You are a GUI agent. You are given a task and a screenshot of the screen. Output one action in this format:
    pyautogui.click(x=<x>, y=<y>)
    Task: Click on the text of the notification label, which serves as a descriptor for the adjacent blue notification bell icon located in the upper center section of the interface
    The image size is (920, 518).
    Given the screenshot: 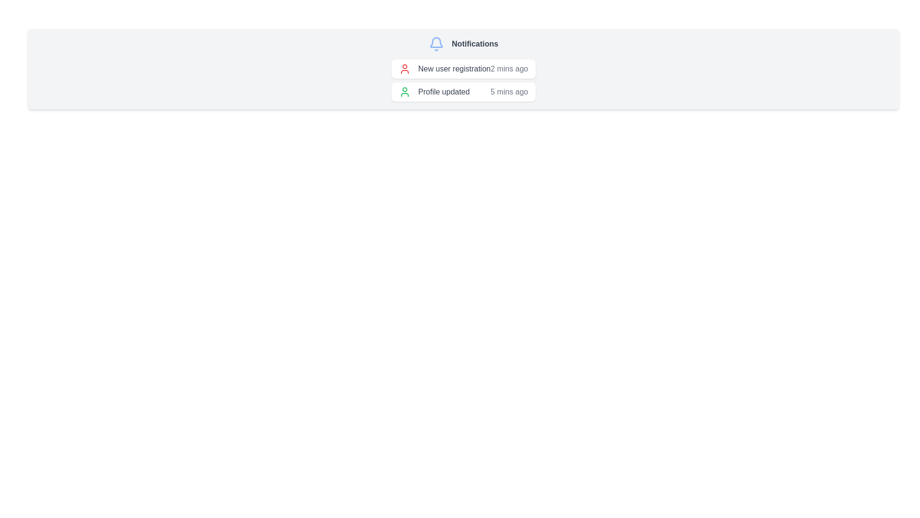 What is the action you would take?
    pyautogui.click(x=475, y=44)
    